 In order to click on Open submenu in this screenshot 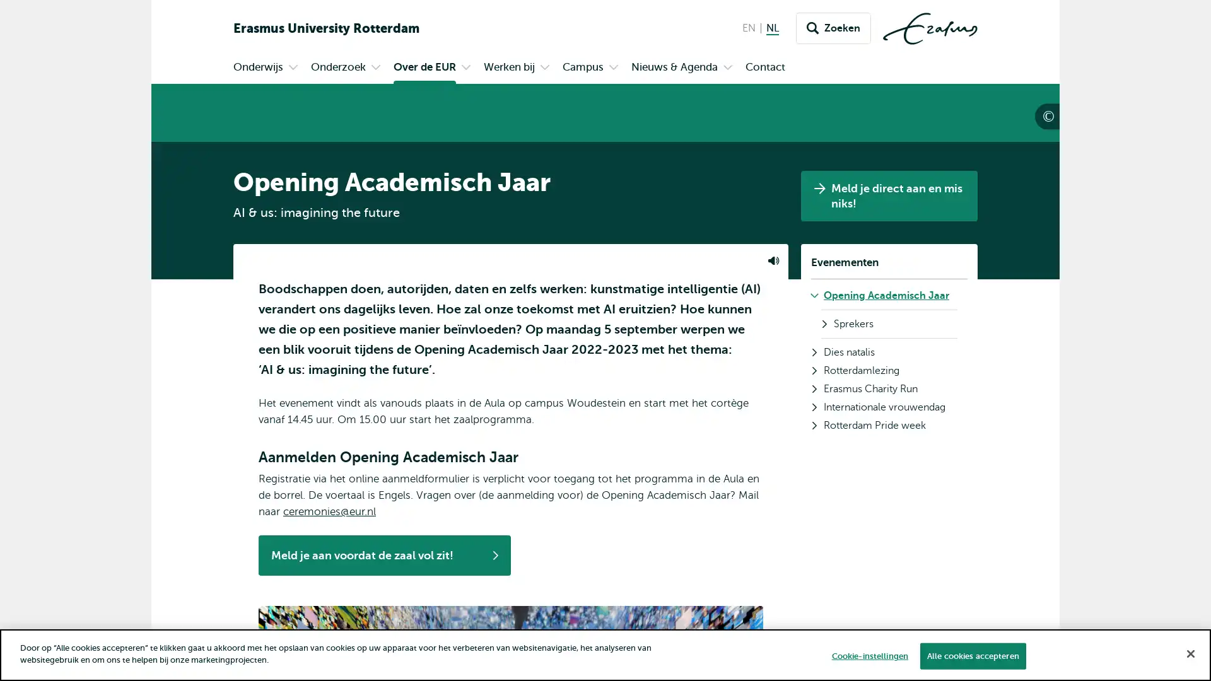, I will do `click(375, 68)`.